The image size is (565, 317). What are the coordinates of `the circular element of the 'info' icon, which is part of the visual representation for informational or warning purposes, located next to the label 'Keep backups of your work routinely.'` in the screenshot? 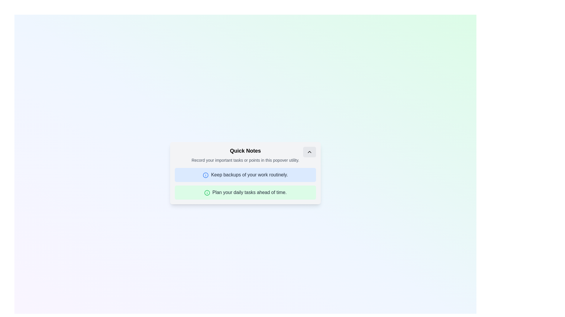 It's located at (206, 175).